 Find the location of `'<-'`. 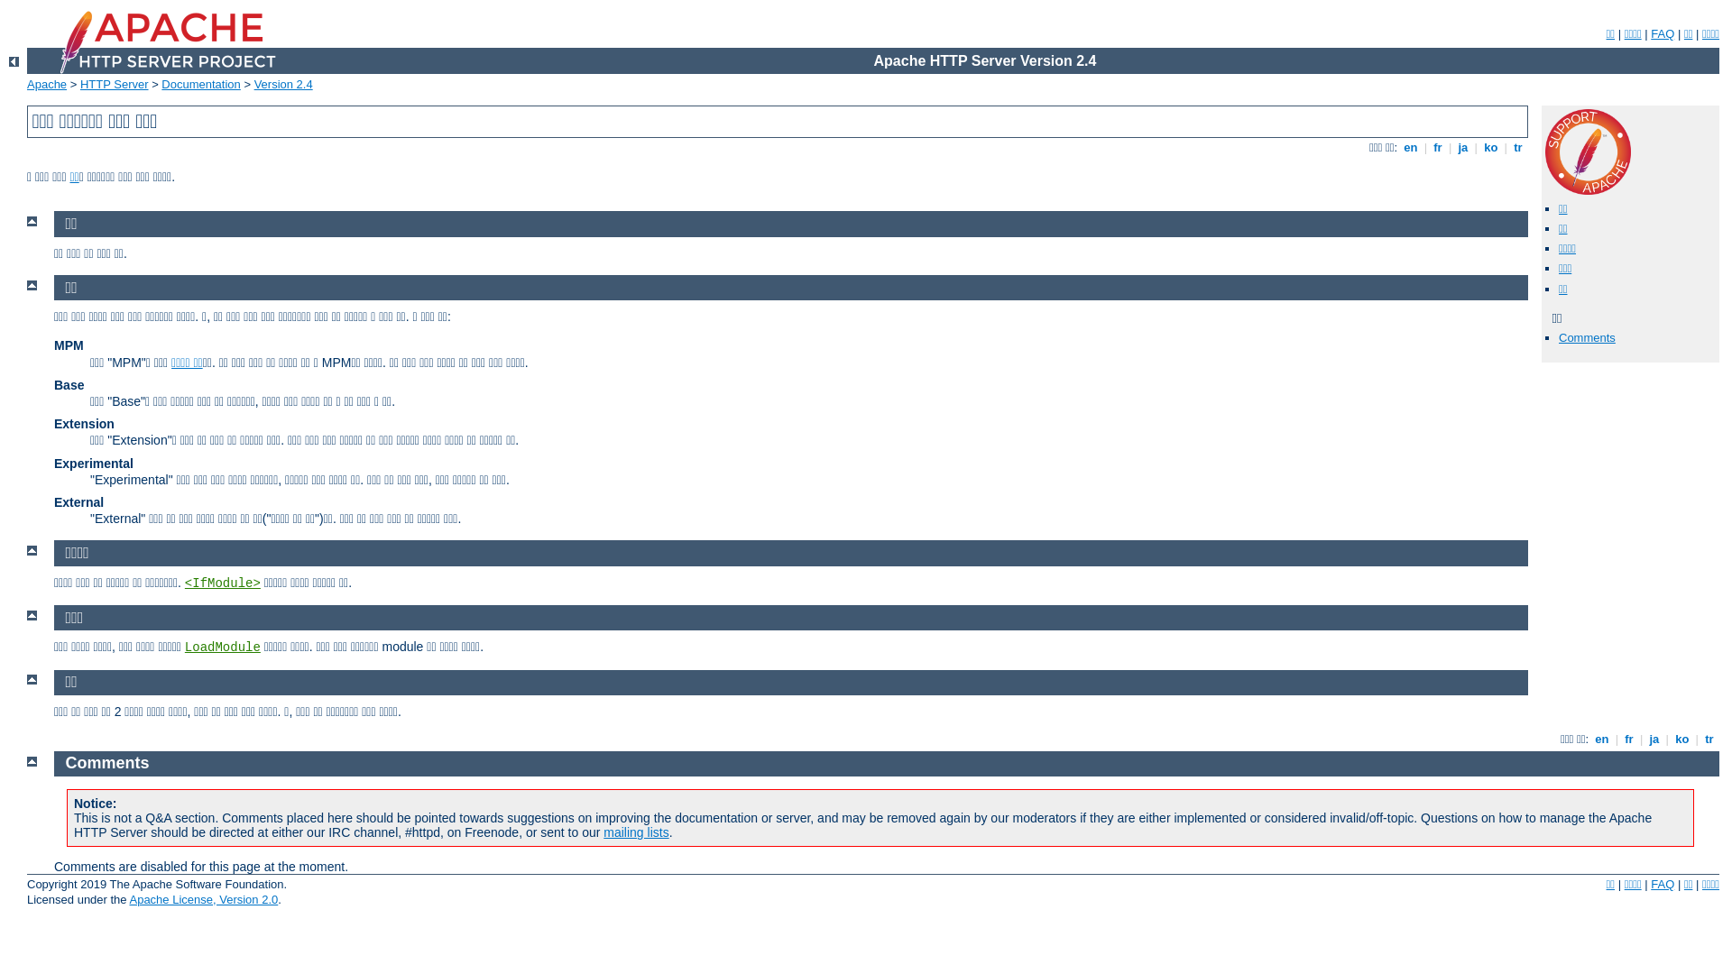

'<-' is located at coordinates (14, 60).